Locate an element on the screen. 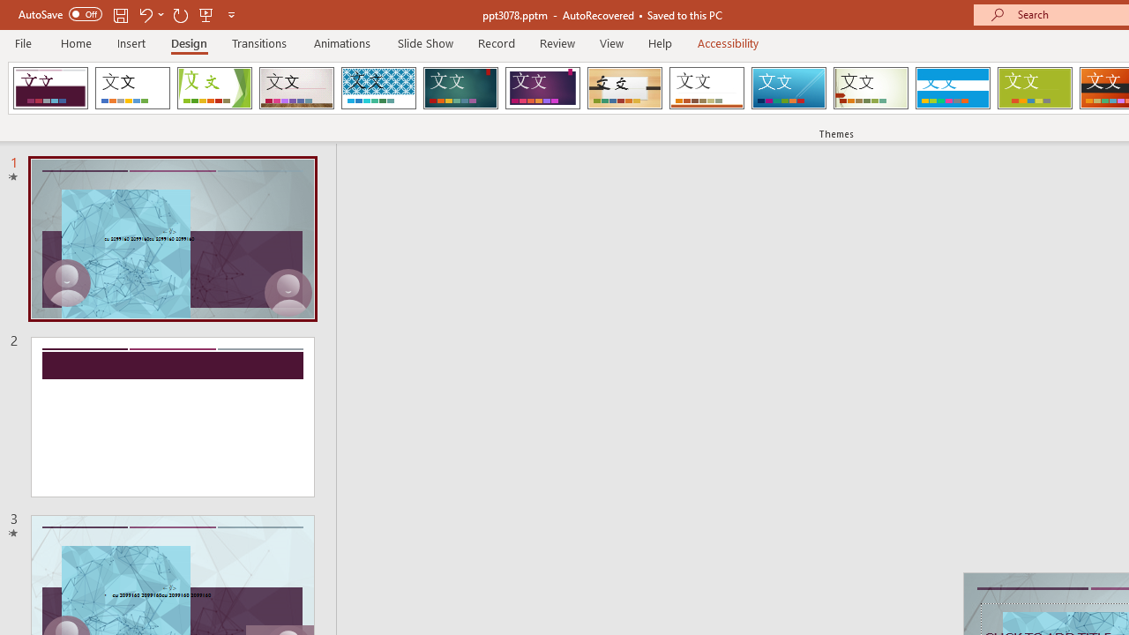 The width and height of the screenshot is (1129, 635). 'Slice' is located at coordinates (788, 88).